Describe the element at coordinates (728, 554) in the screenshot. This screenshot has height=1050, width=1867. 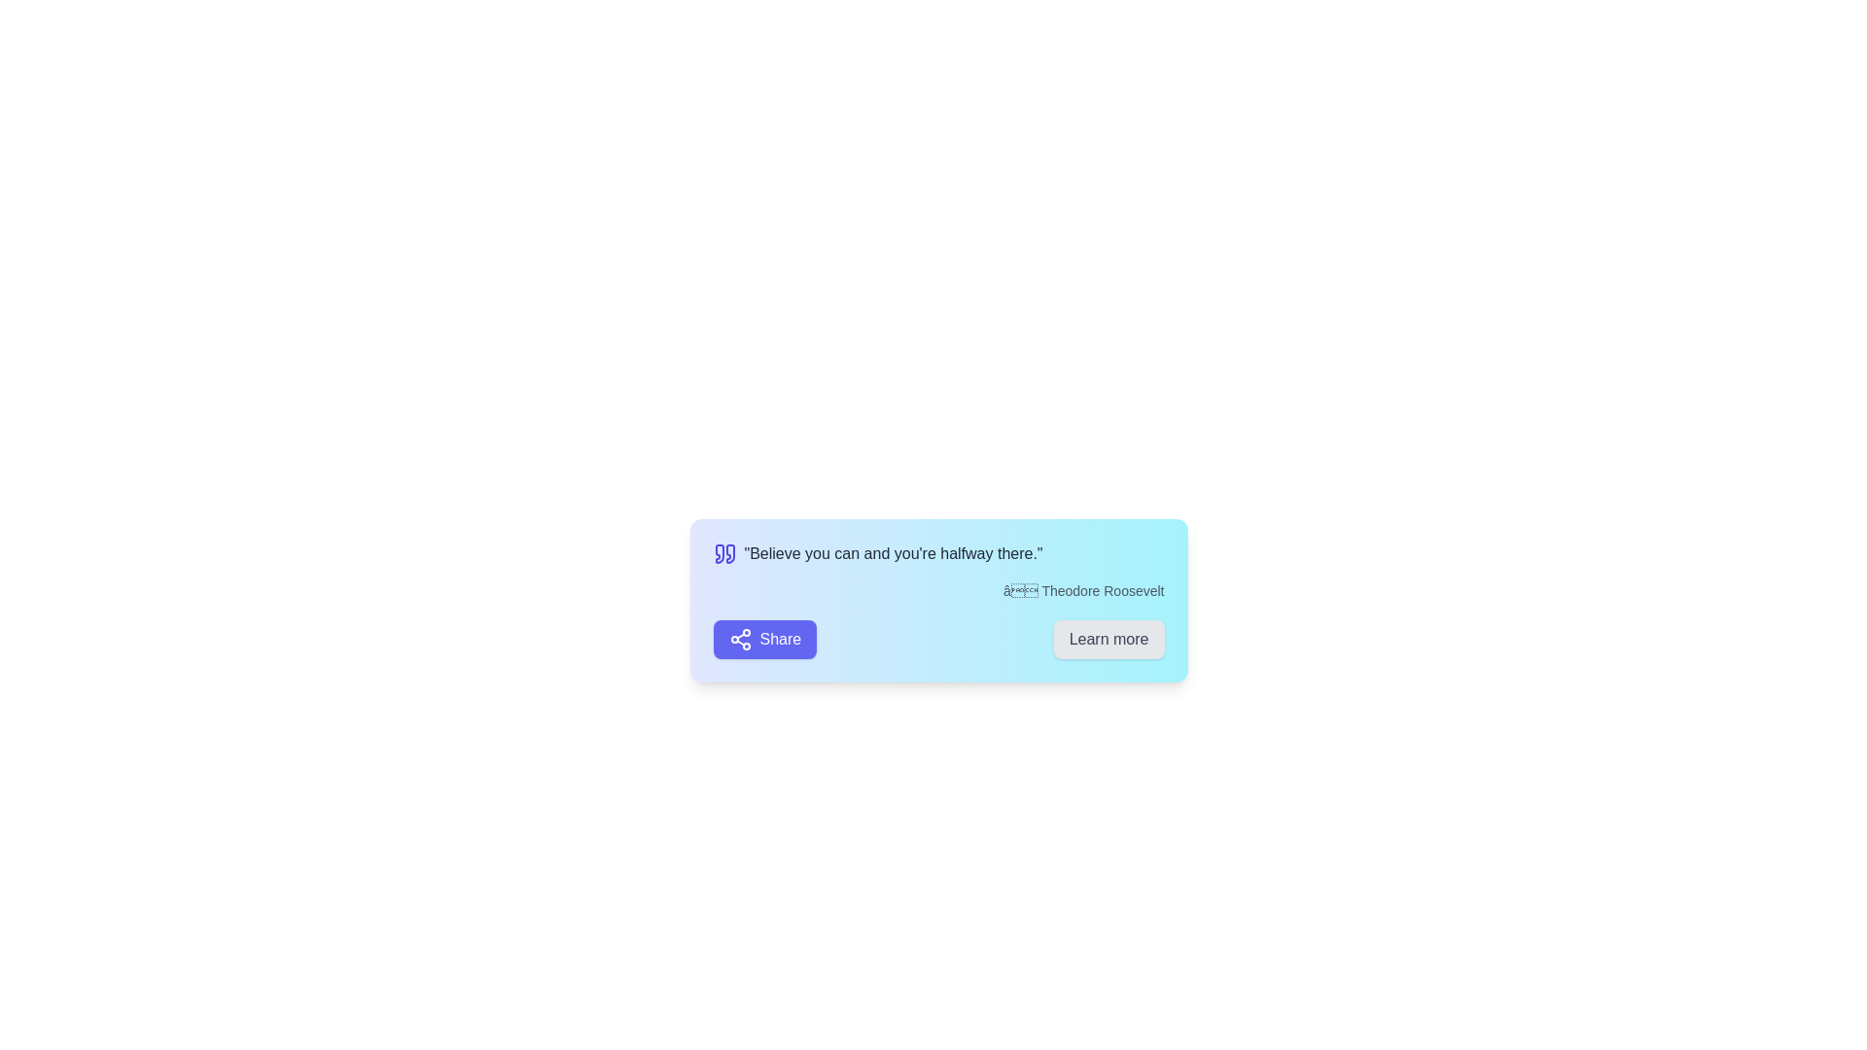
I see `the decorative quotation marks graphic located in the top-left section of the card layout, adjacent to the text block that begins with 'Believe you can and you're halfway there.'` at that location.